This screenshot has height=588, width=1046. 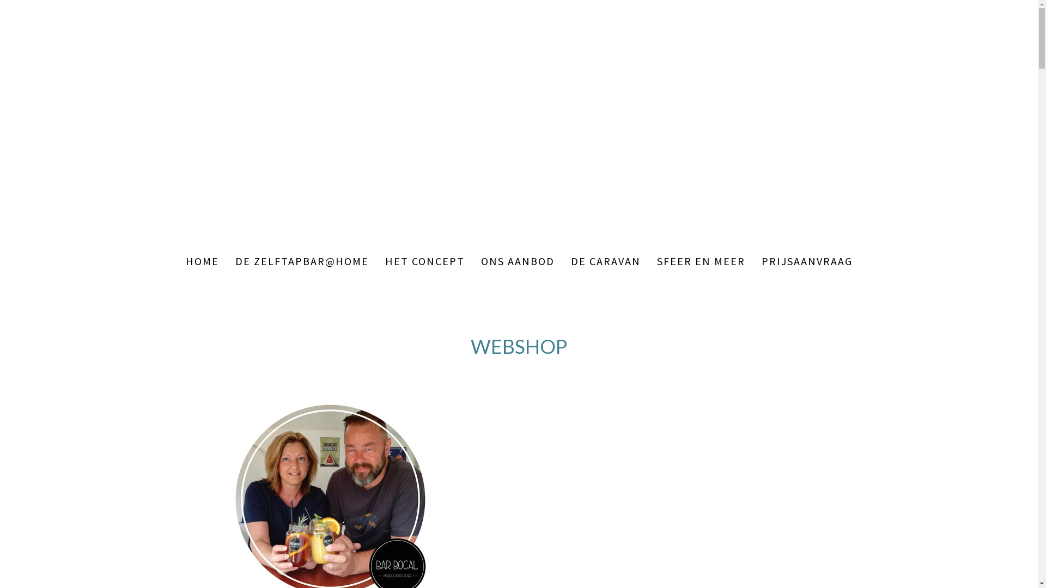 What do you see at coordinates (301, 261) in the screenshot?
I see `'DE ZELFTAPBAR@HOME'` at bounding box center [301, 261].